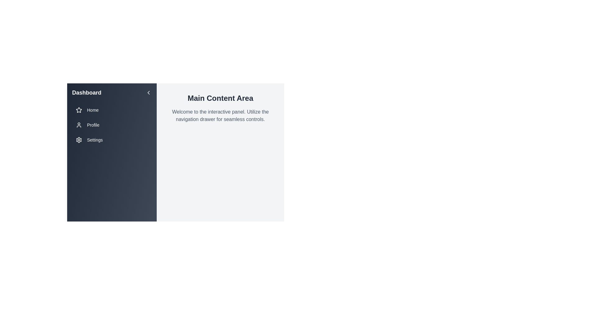 Image resolution: width=597 pixels, height=336 pixels. I want to click on the 'Dashboard' text label, which is a bold, large white font element located at the top of the navigation panel, so click(86, 92).